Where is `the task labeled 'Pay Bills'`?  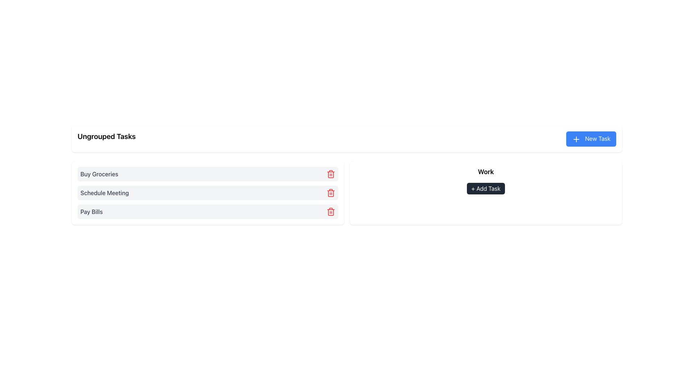 the task labeled 'Pay Bills' is located at coordinates (207, 211).